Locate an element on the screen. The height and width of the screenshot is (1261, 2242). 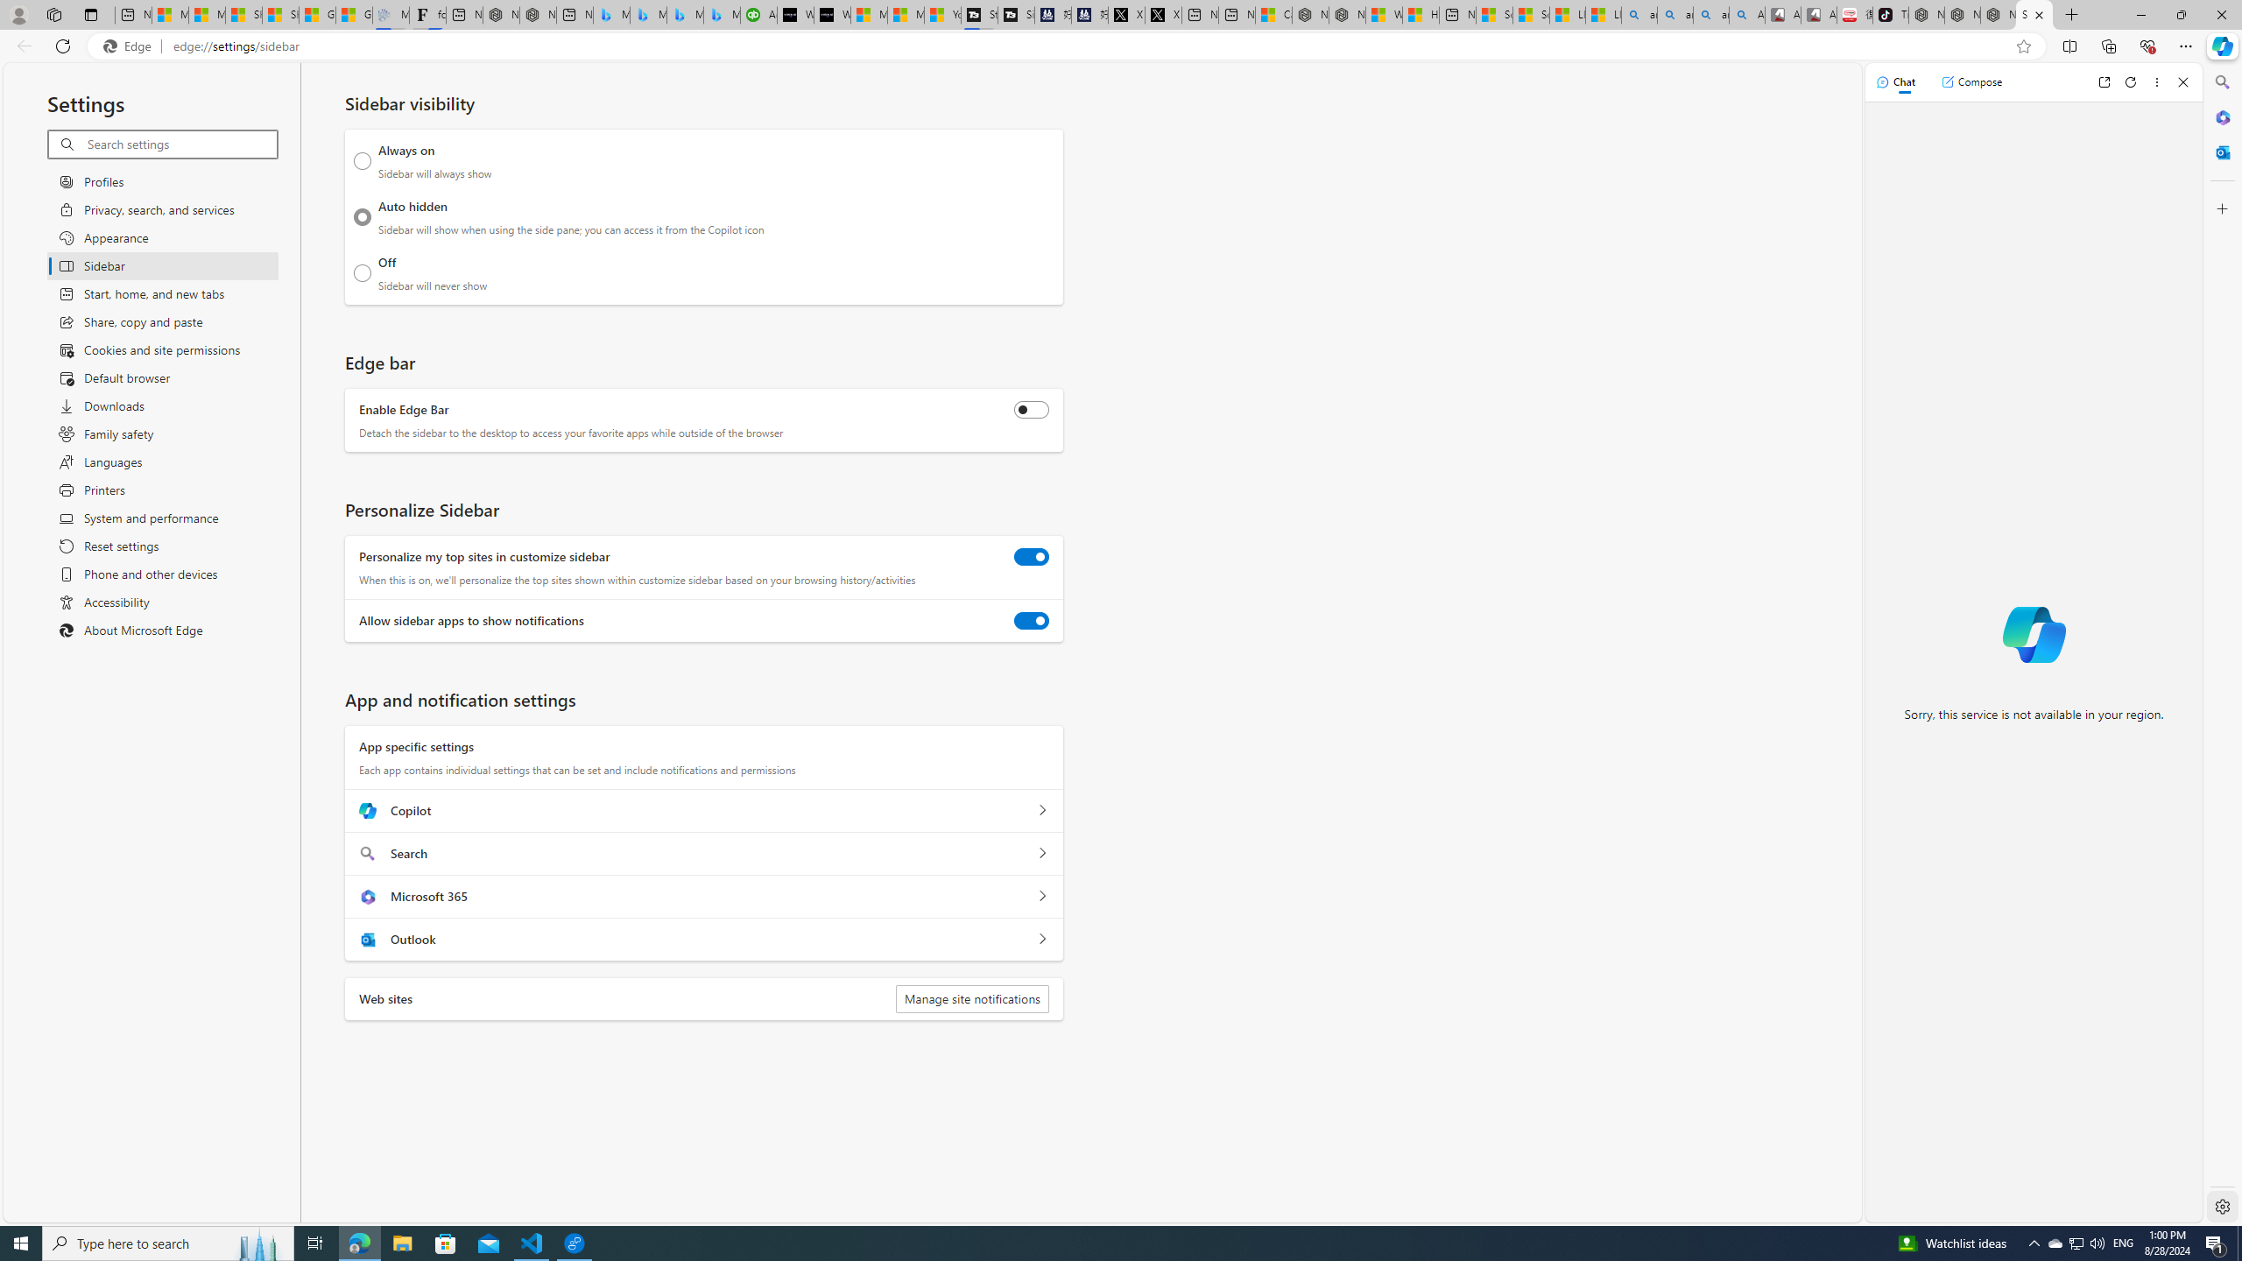
'Edge' is located at coordinates (130, 46).